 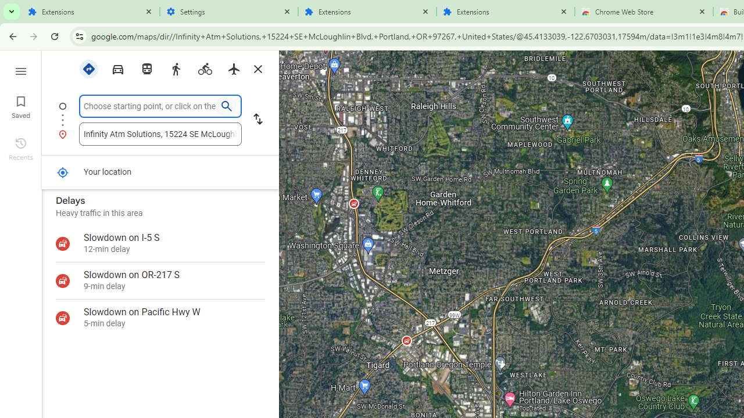 What do you see at coordinates (149, 106) in the screenshot?
I see `'AutomationID: sb_ifc50'` at bounding box center [149, 106].